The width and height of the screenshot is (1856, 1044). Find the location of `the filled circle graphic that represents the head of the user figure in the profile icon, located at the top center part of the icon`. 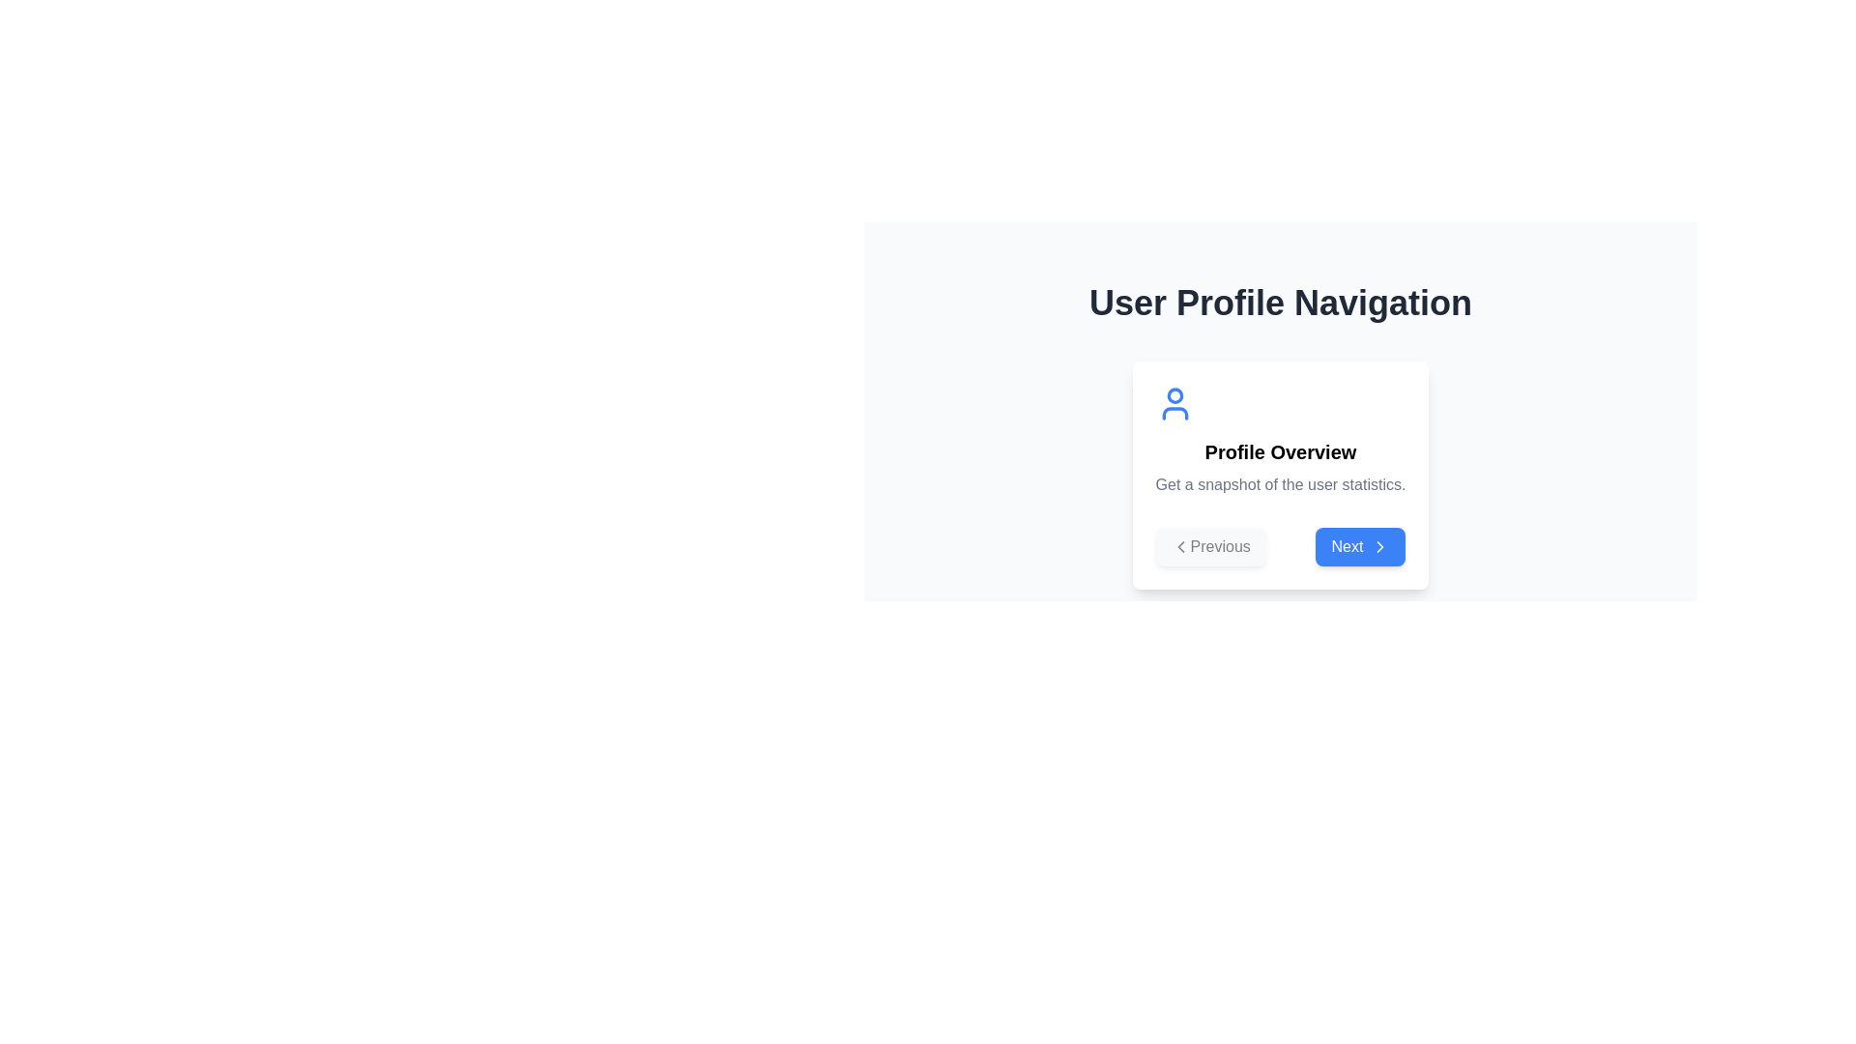

the filled circle graphic that represents the head of the user figure in the profile icon, located at the top center part of the icon is located at coordinates (1174, 394).